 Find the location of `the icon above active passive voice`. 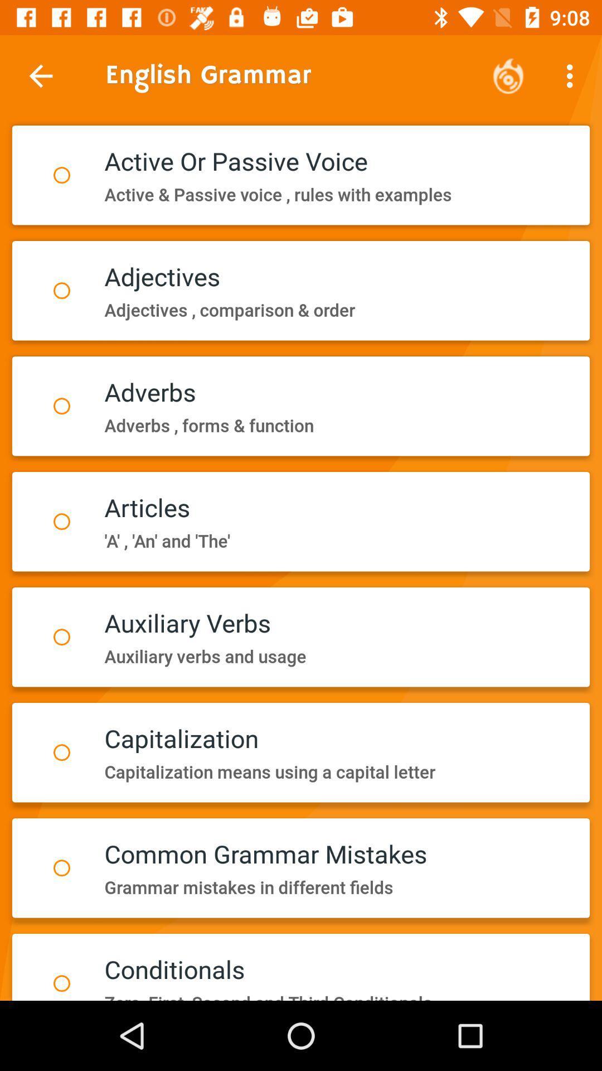

the icon above active passive voice is located at coordinates (508, 75).